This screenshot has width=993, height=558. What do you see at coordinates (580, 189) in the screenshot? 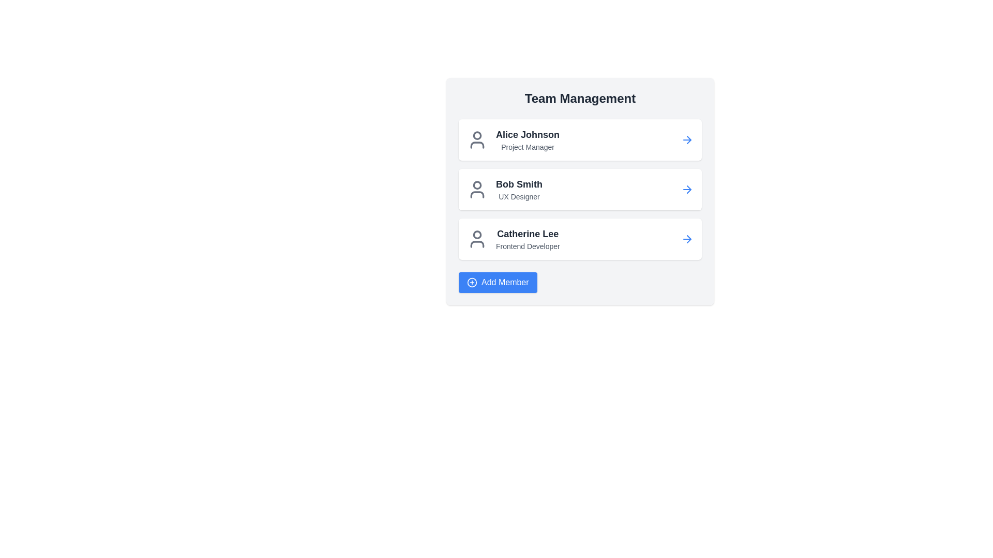
I see `the team member's profile summary card, which is the second item in the vertical list of three cards in the 'Team Management' section` at bounding box center [580, 189].